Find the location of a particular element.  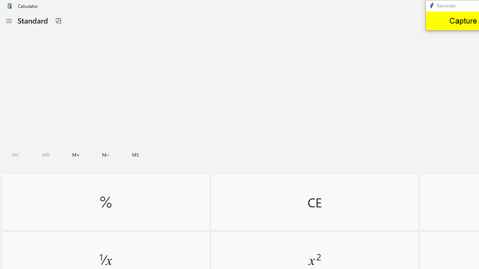

'Open Navigation' is located at coordinates (9, 21).